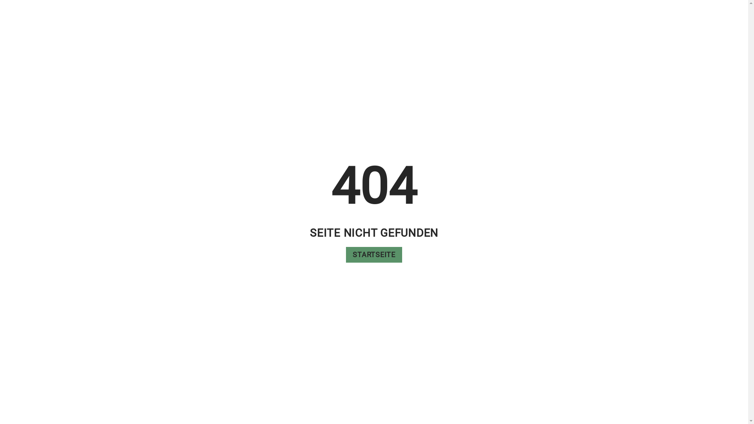  Describe the element at coordinates (373, 254) in the screenshot. I see `'STARTSEITE'` at that location.